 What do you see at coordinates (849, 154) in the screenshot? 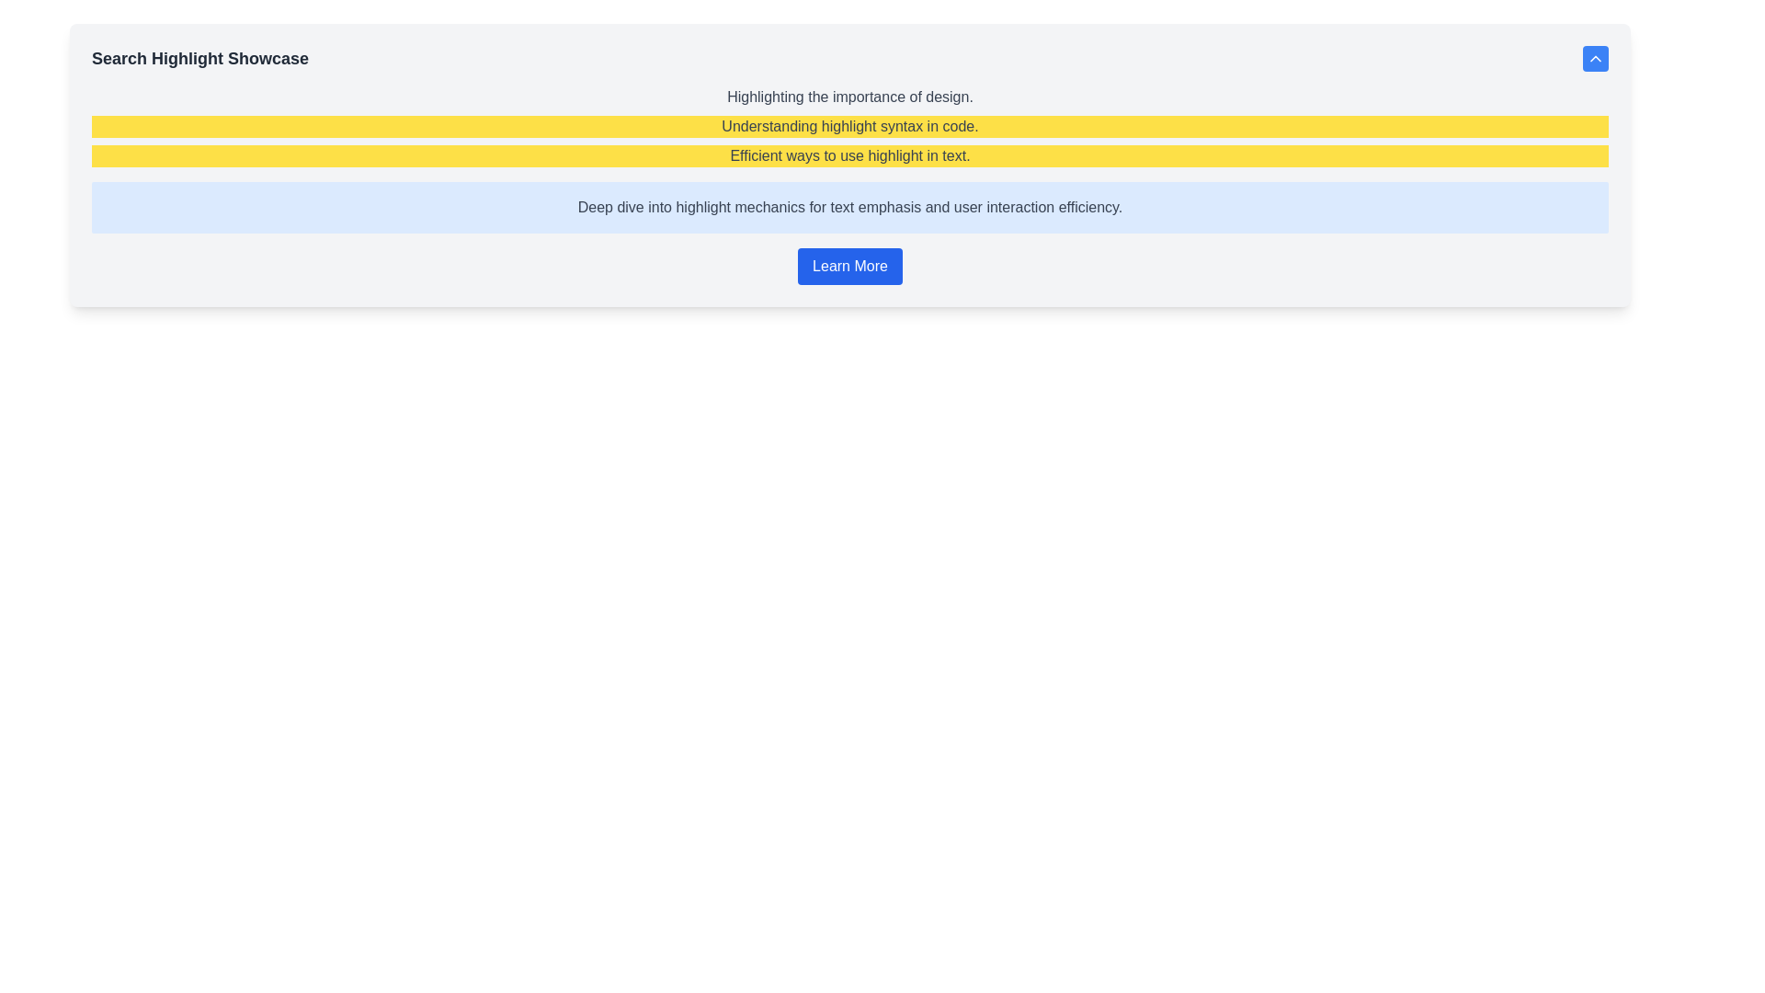
I see `the Text element that emphasizes efficient ways of using highlights in text, which is the third item in a vertical list of highlighted text items` at bounding box center [849, 154].